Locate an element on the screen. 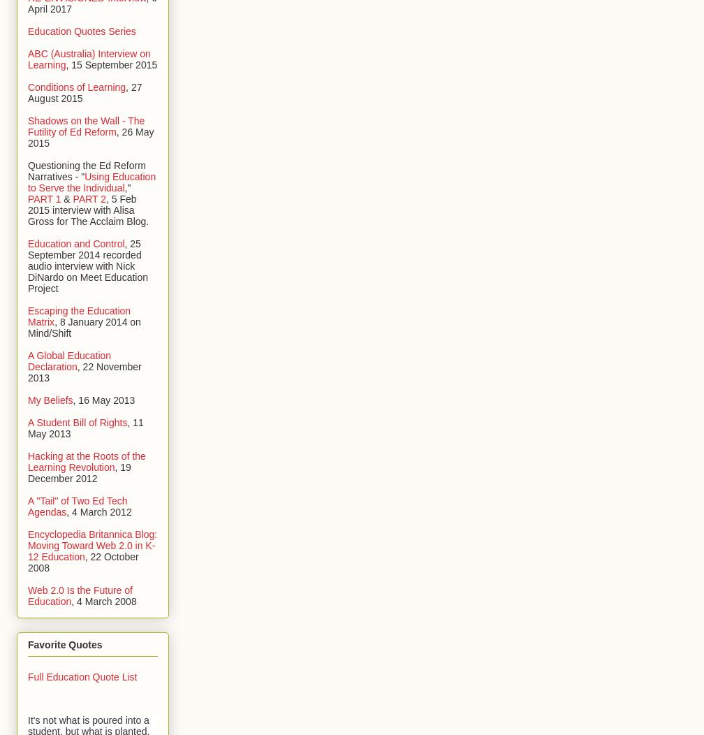  'PART 1' is located at coordinates (28, 198).